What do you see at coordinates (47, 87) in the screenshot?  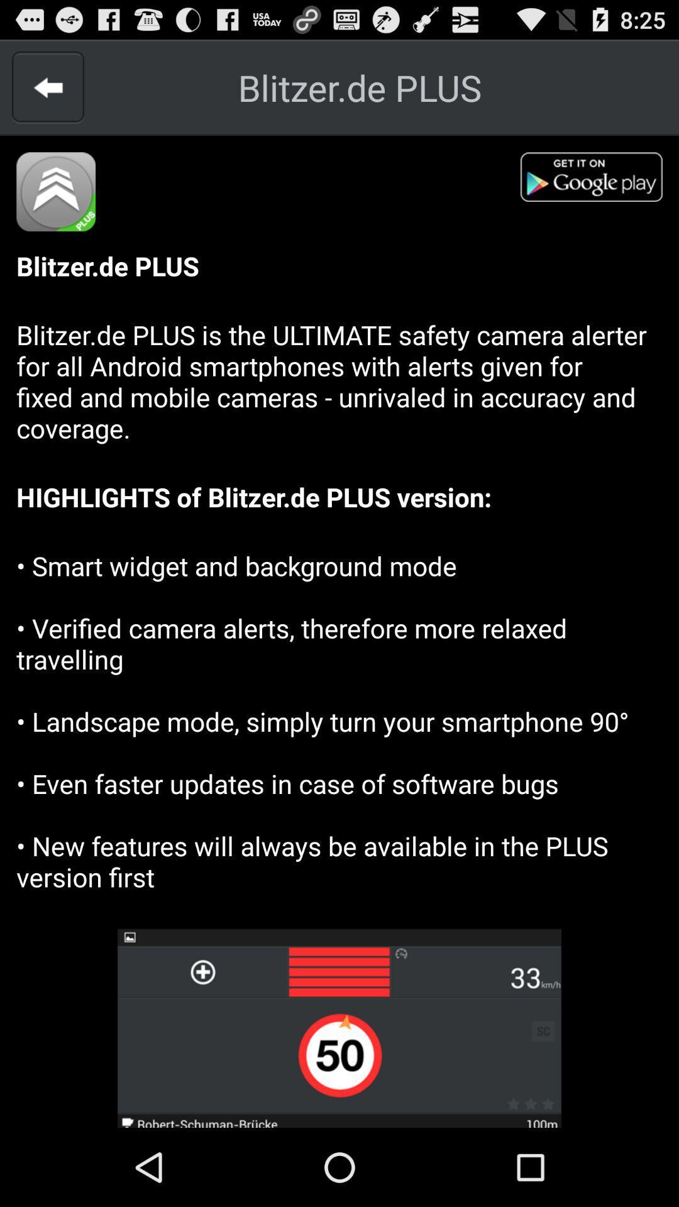 I see `go back` at bounding box center [47, 87].